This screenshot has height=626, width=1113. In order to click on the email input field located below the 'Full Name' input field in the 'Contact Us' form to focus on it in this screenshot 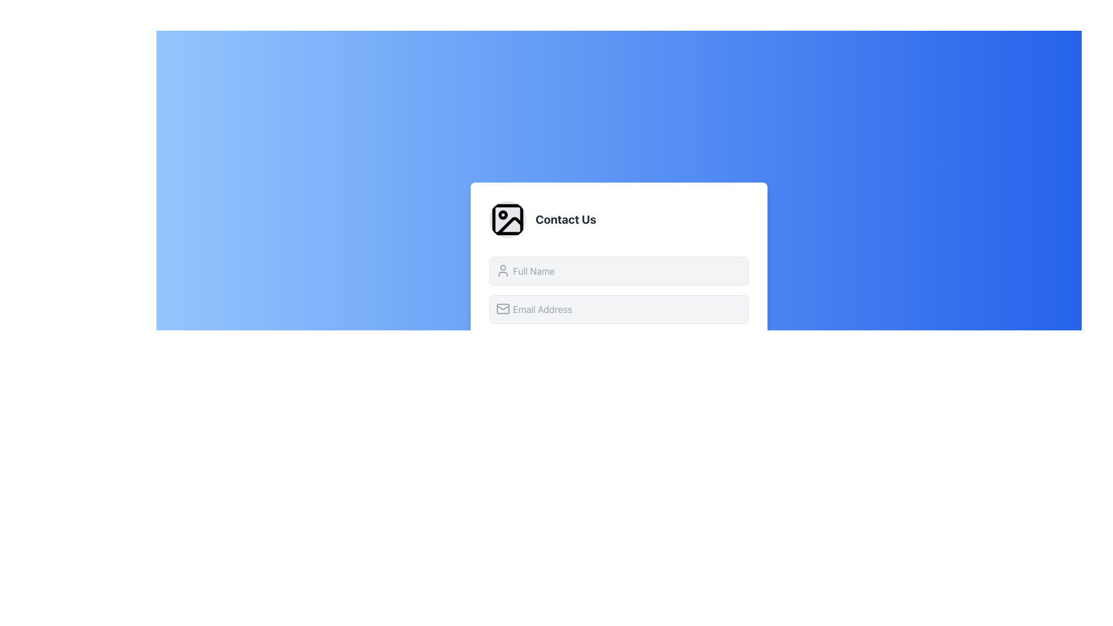, I will do `click(619, 308)`.